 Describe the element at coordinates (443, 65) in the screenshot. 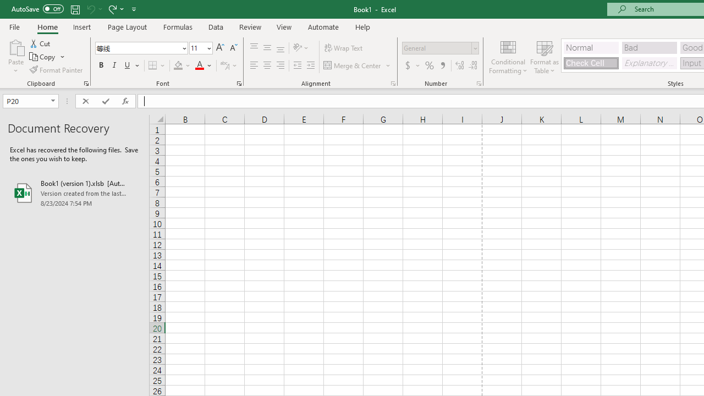

I see `'Comma Style'` at that location.